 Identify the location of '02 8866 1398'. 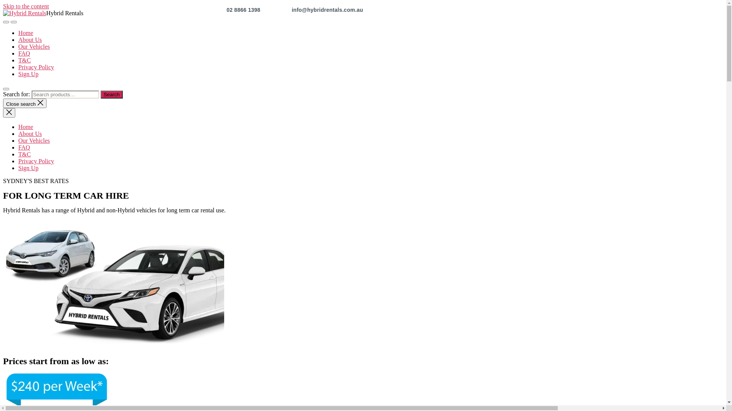
(244, 10).